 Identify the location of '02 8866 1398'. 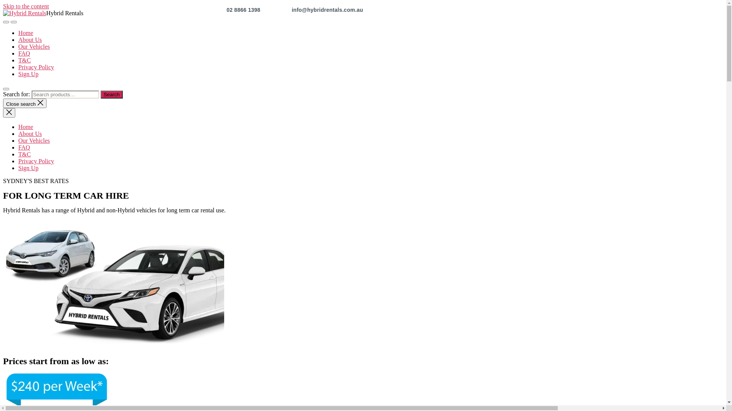
(244, 10).